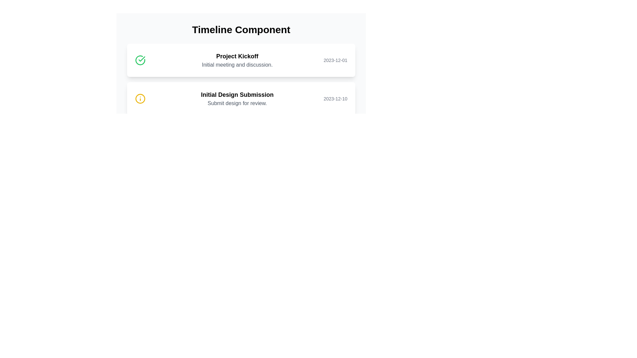  What do you see at coordinates (140, 60) in the screenshot?
I see `the icon indicating a completed milestone in the timeline, located to the left of the text 'Project KickoffInitial meeting and discussion.'` at bounding box center [140, 60].